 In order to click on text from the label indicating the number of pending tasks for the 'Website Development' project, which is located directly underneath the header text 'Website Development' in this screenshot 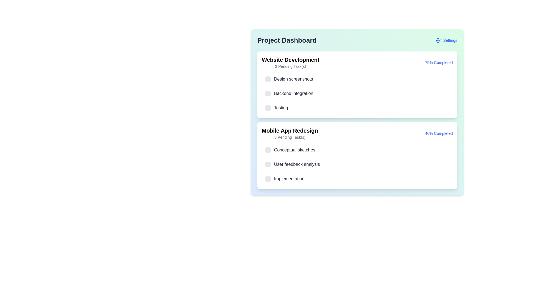, I will do `click(290, 66)`.